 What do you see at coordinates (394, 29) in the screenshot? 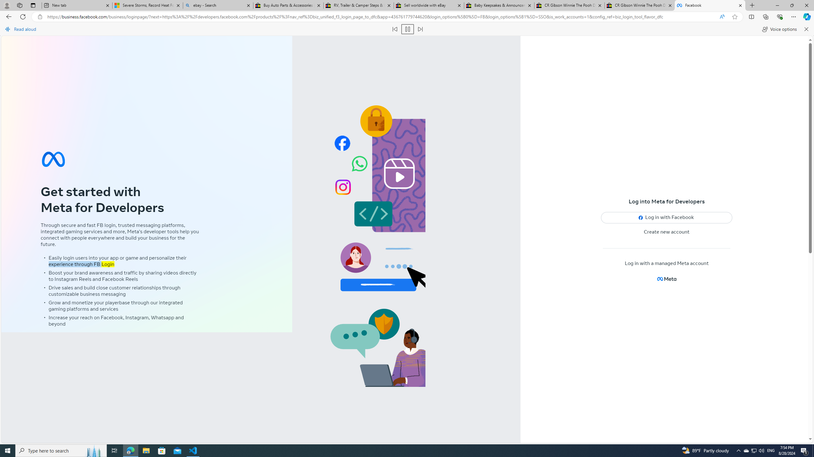
I see `'Read previous paragraph'` at bounding box center [394, 29].